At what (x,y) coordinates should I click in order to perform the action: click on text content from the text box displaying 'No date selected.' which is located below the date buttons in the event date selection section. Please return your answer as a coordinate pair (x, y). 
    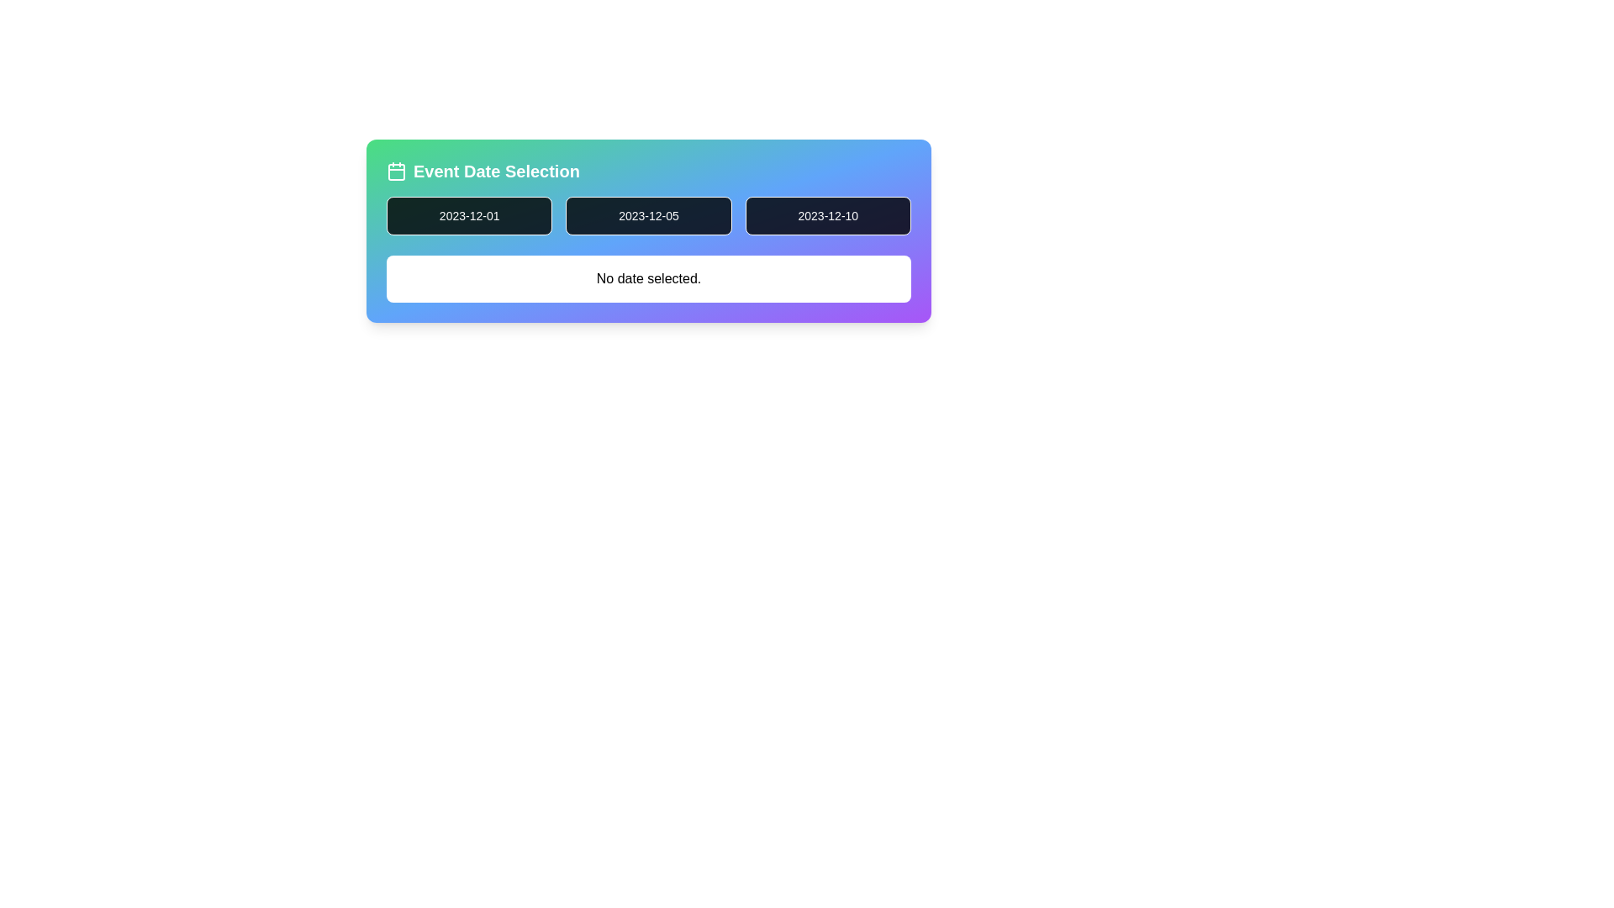
    Looking at the image, I should click on (648, 277).